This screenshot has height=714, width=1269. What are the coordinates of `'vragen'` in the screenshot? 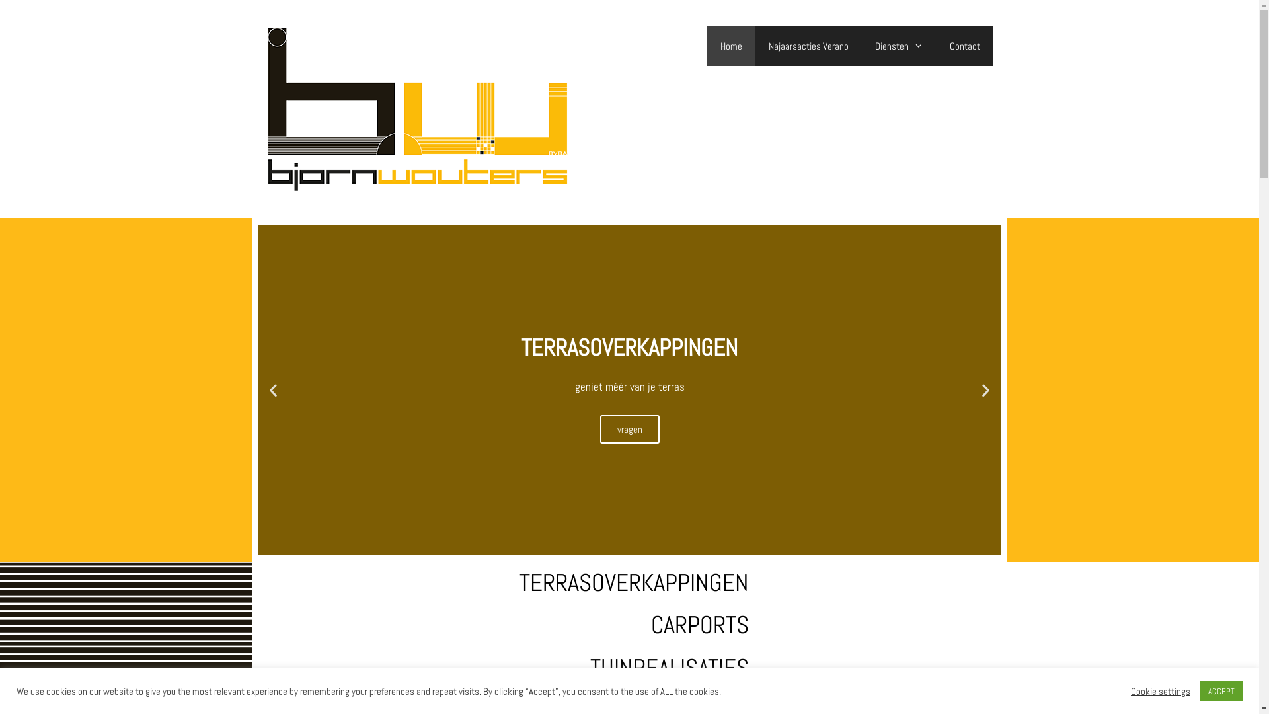 It's located at (599, 429).